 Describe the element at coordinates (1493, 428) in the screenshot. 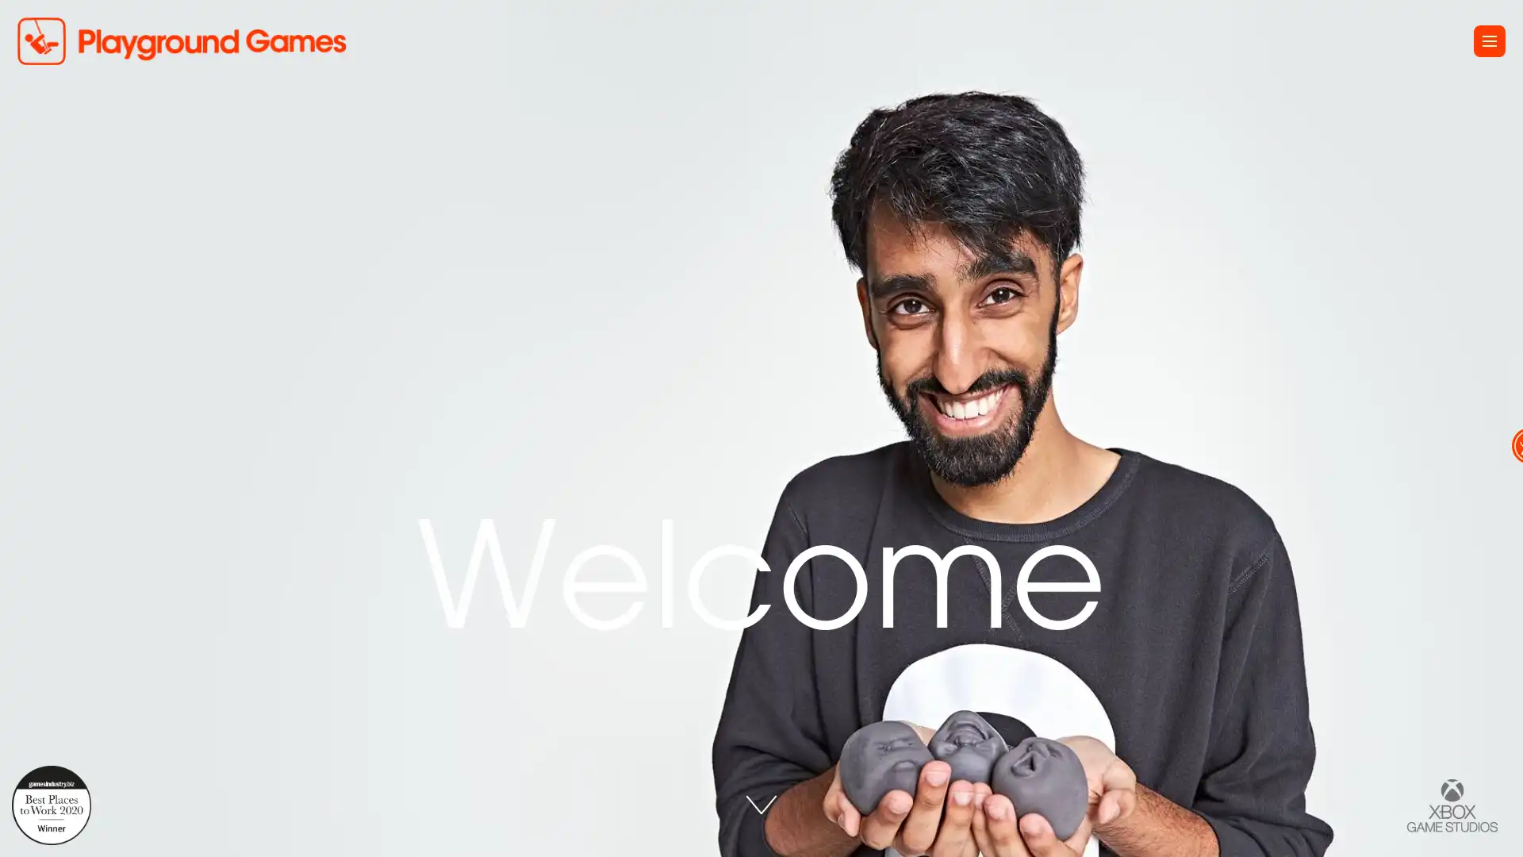

I see `Accessibility Menu` at that location.